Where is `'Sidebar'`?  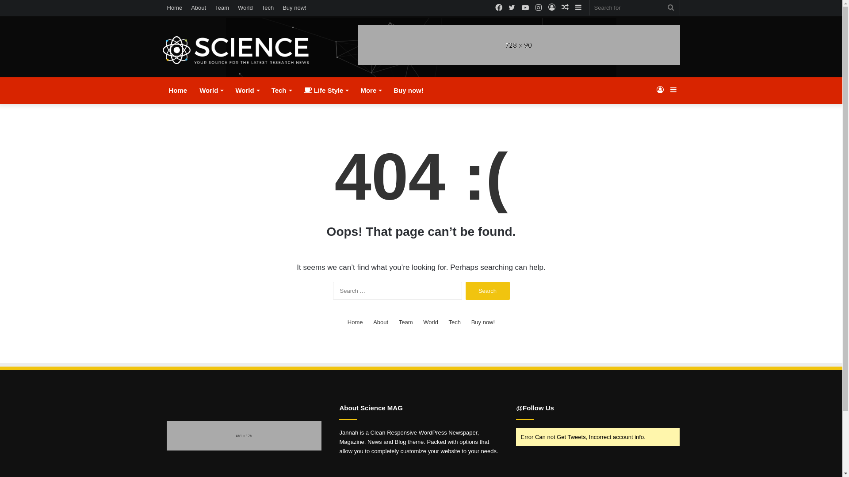 'Sidebar' is located at coordinates (578, 8).